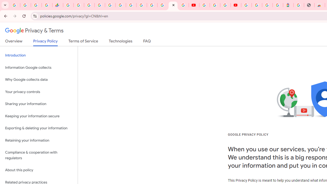 This screenshot has height=184, width=327. What do you see at coordinates (39, 55) in the screenshot?
I see `'Introduction'` at bounding box center [39, 55].